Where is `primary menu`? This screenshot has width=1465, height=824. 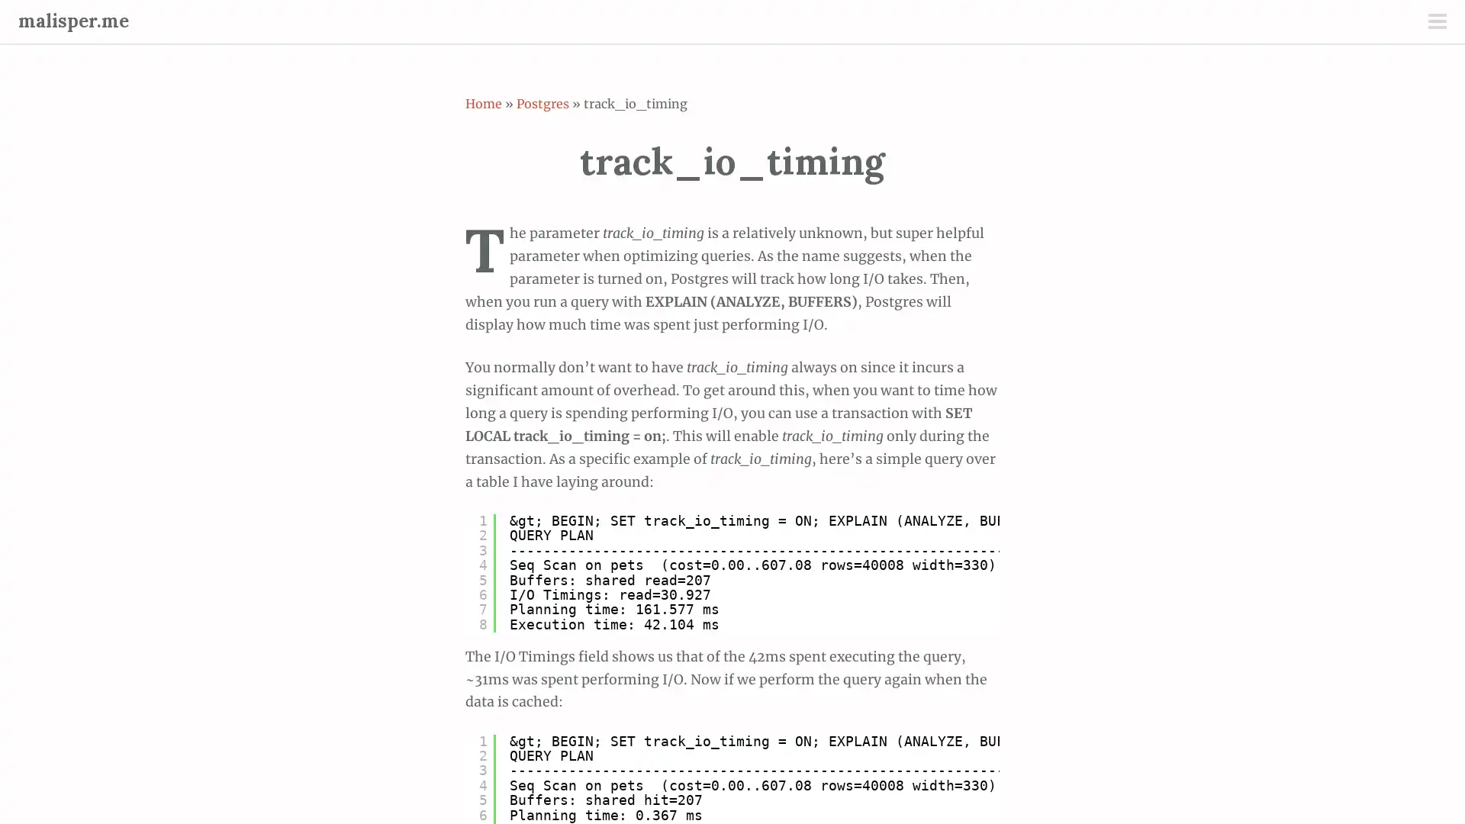 primary menu is located at coordinates (1436, 23).